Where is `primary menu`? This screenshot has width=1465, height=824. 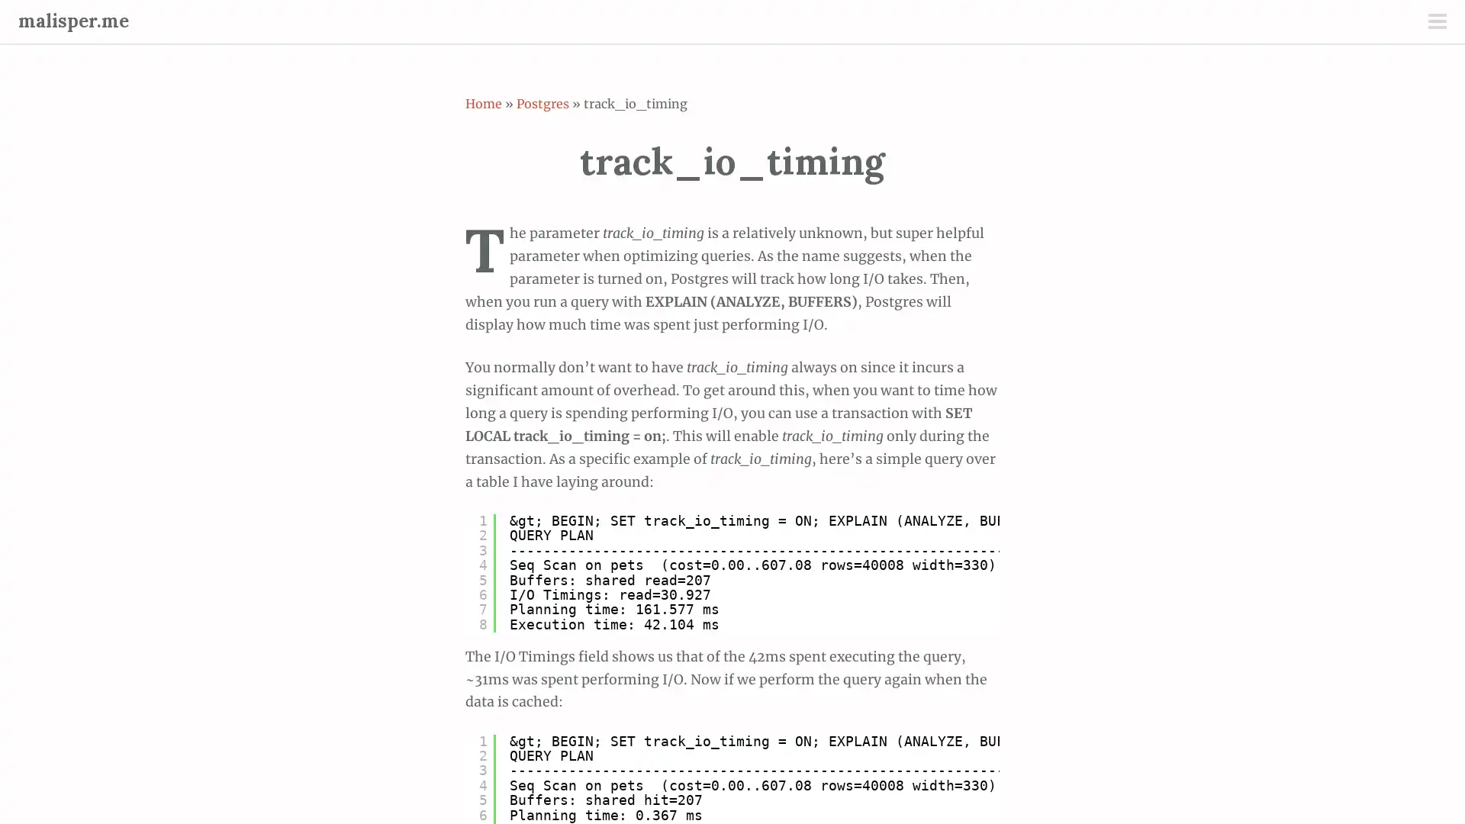 primary menu is located at coordinates (1436, 23).